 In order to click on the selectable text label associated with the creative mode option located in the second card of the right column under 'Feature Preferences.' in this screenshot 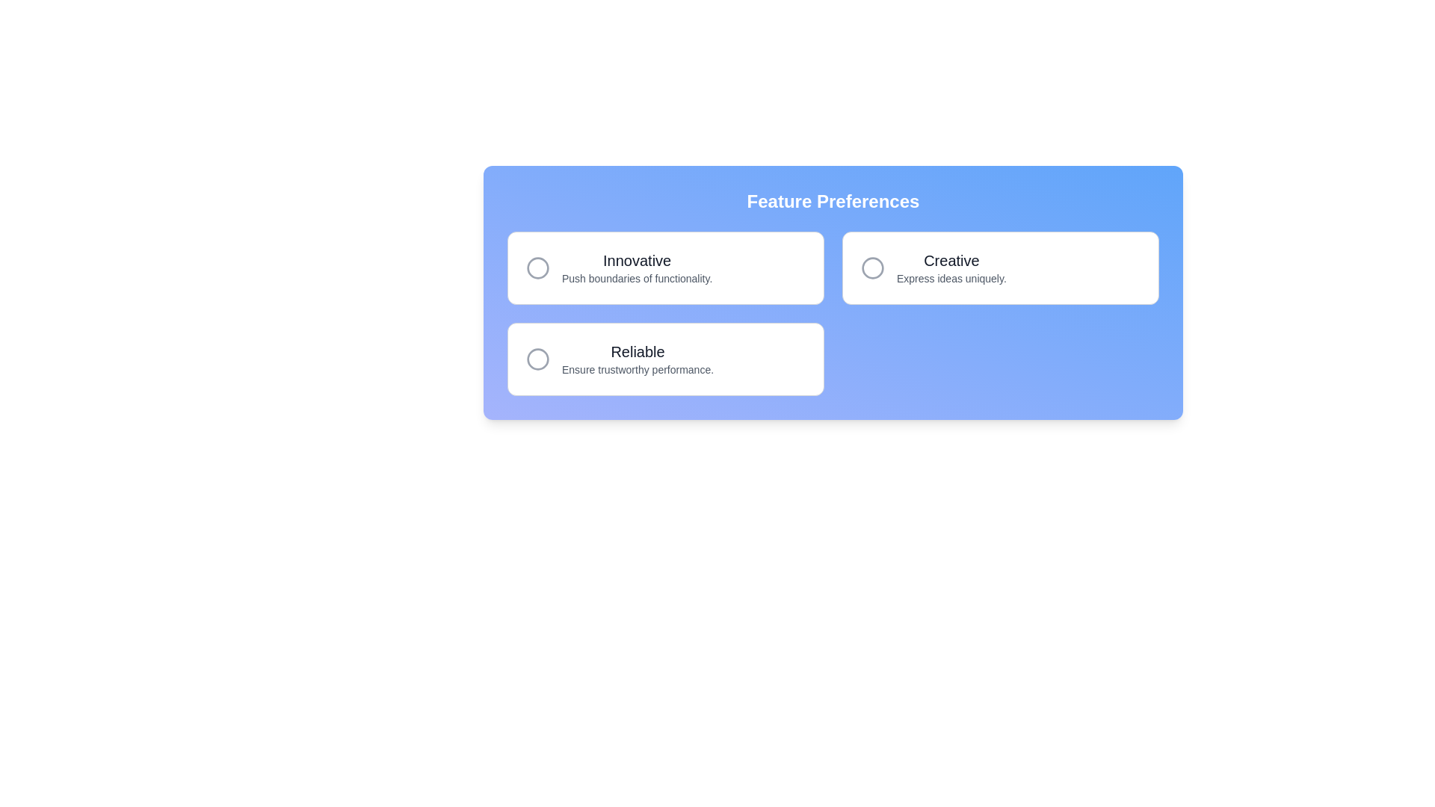, I will do `click(950, 267)`.